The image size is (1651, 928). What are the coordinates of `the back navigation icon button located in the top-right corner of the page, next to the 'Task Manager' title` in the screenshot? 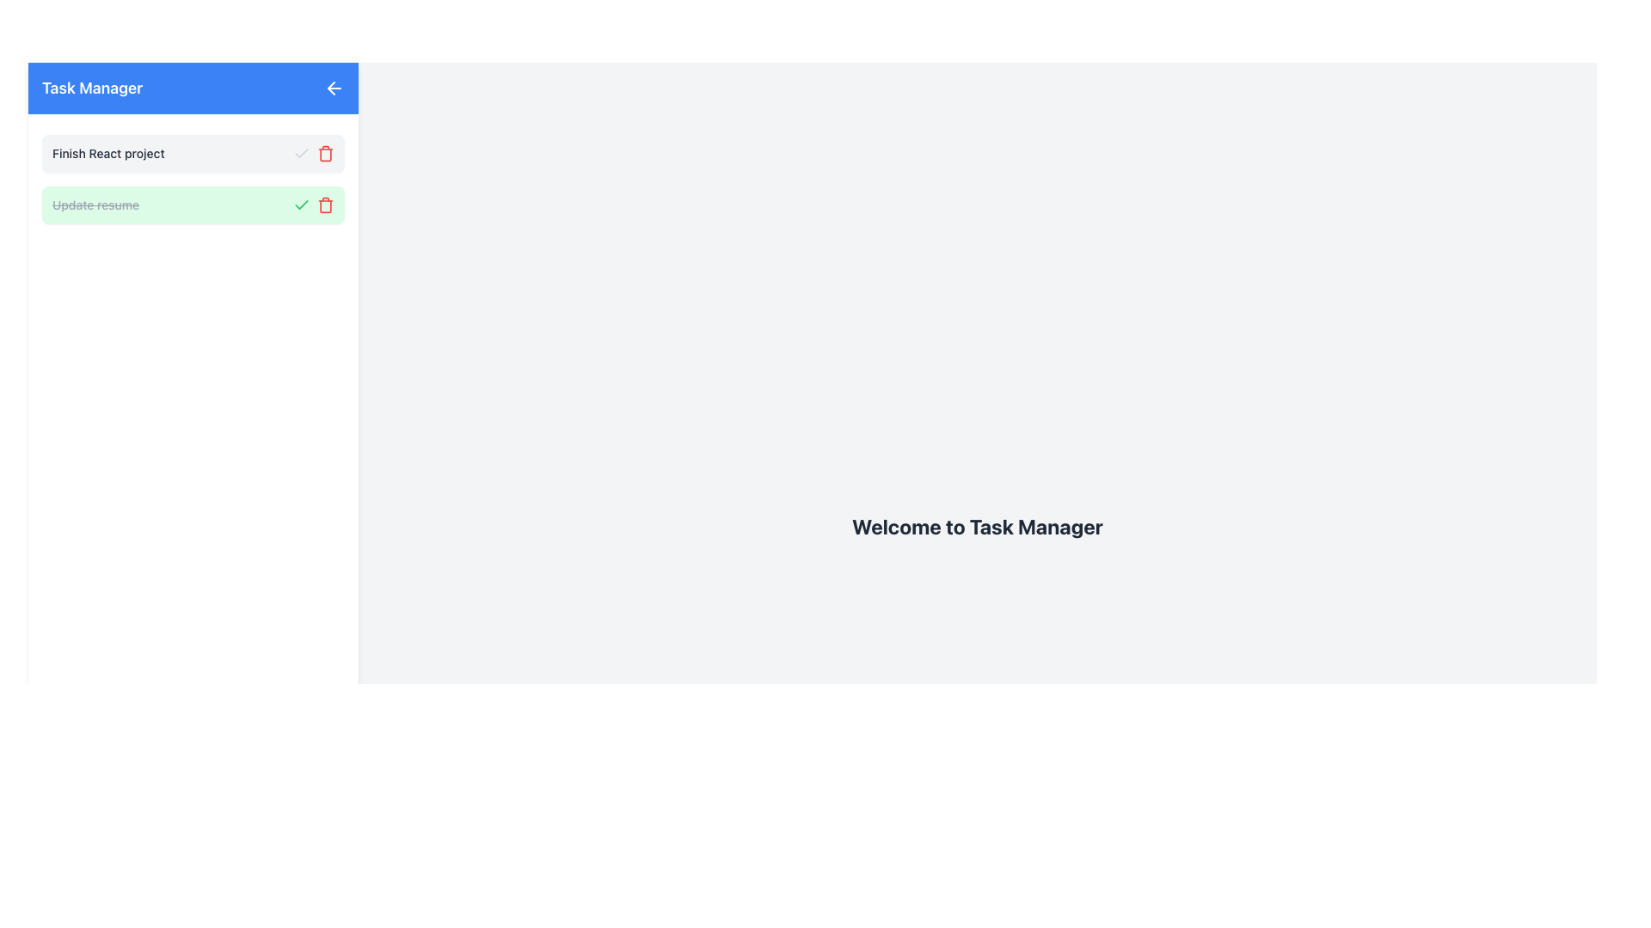 It's located at (334, 89).